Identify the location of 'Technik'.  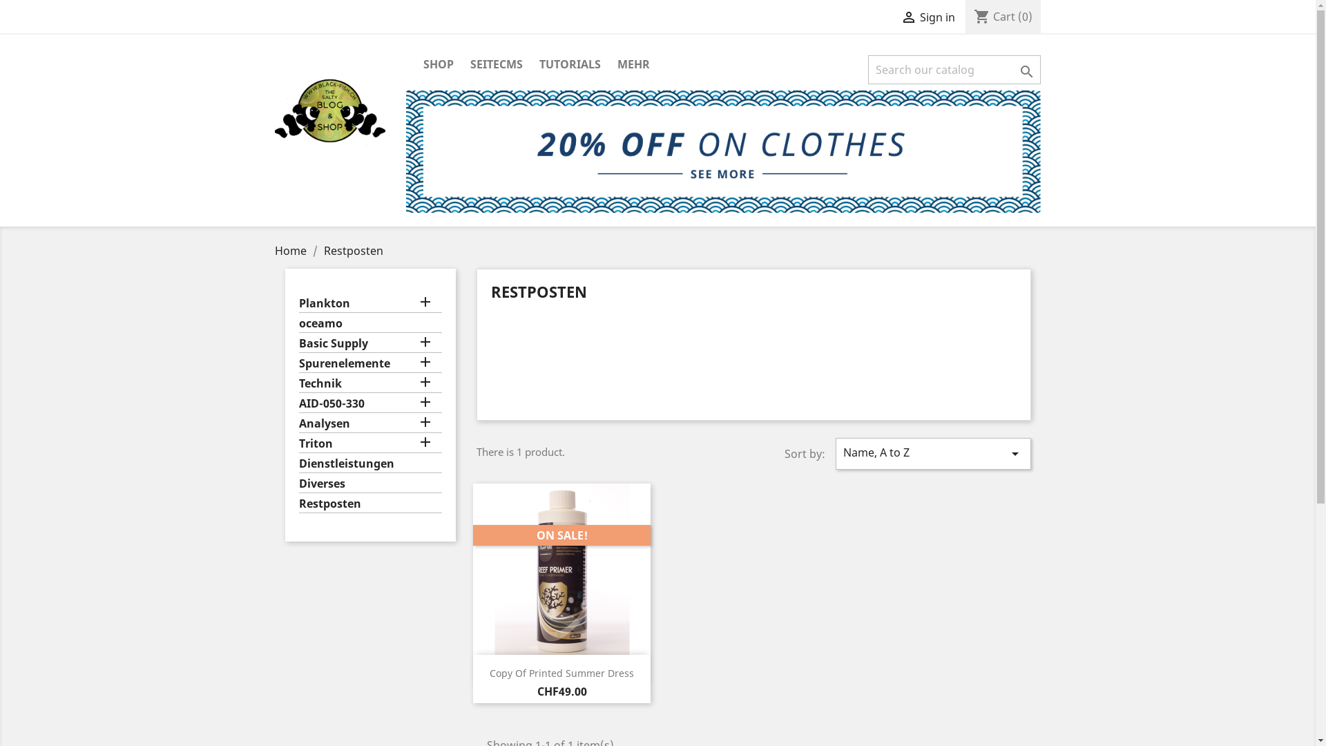
(370, 384).